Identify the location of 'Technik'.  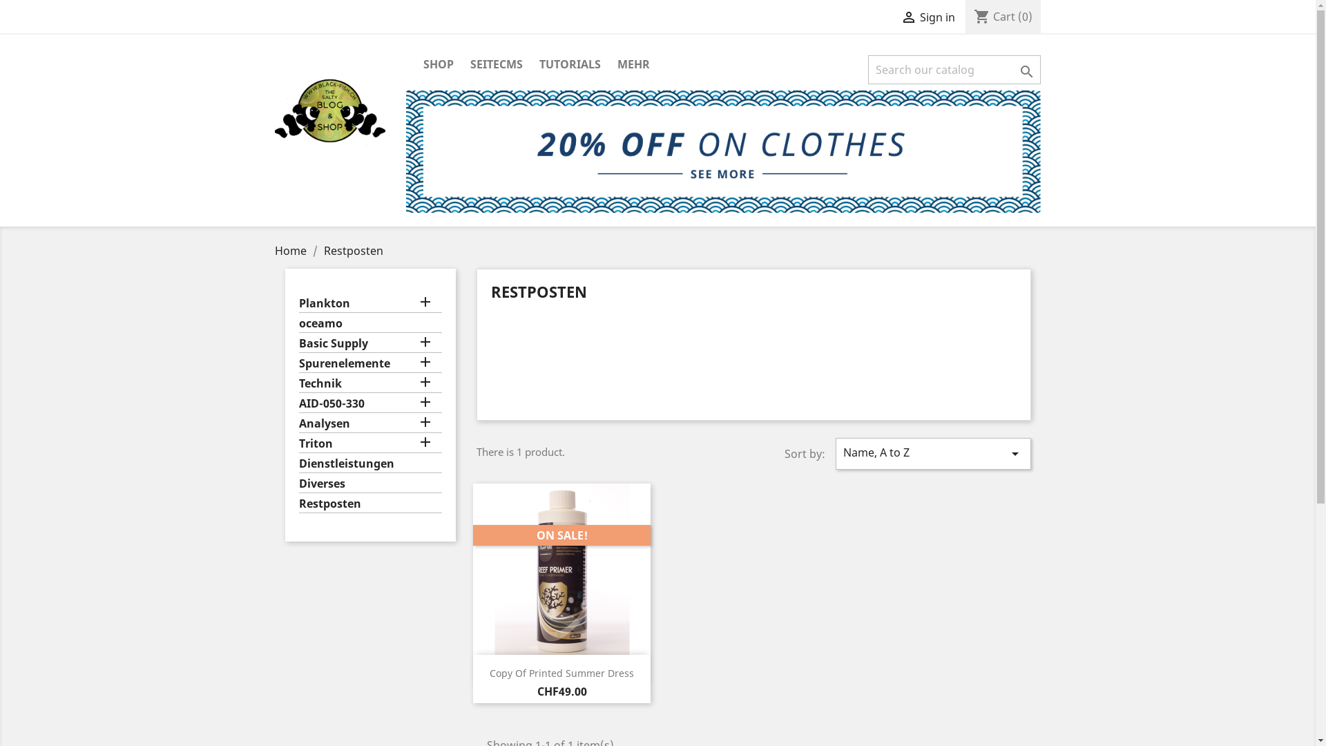
(370, 384).